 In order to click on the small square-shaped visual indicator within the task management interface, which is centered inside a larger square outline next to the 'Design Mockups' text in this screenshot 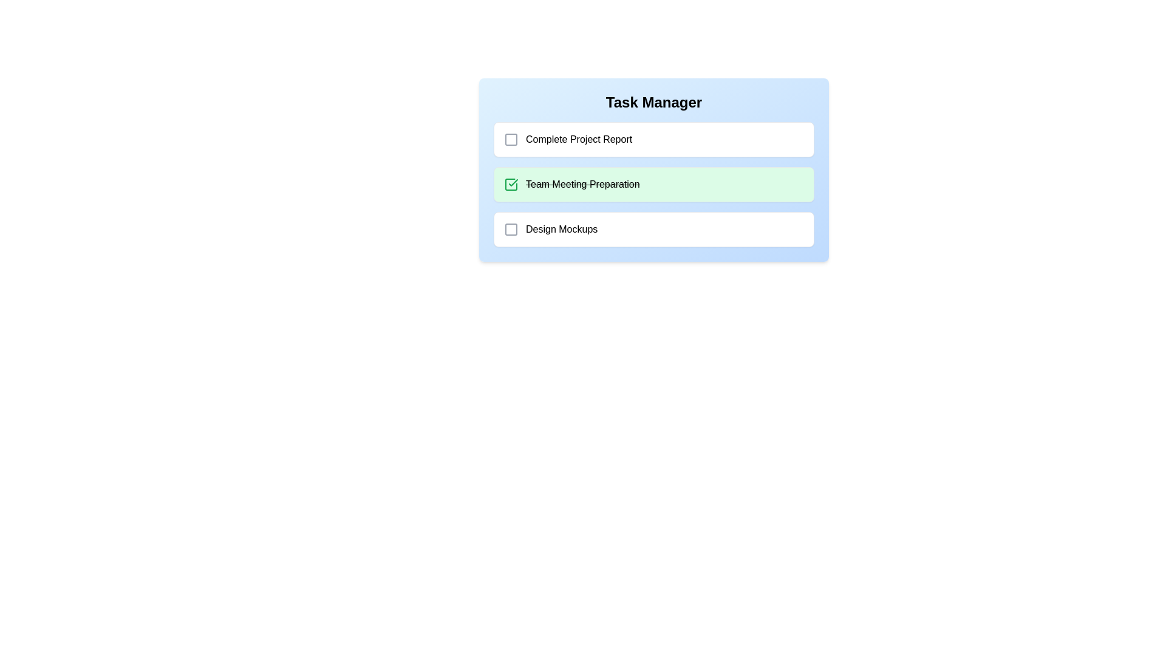, I will do `click(511, 230)`.